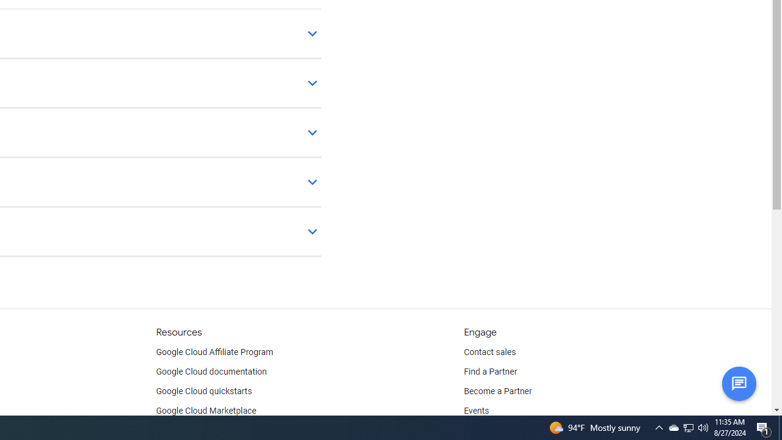 The image size is (782, 440). Describe the element at coordinates (211, 372) in the screenshot. I see `'Google Cloud documentation'` at that location.